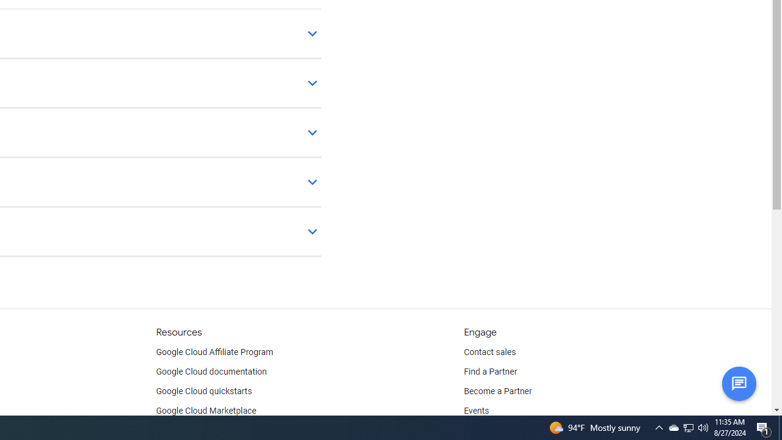 The image size is (782, 440). Describe the element at coordinates (211, 372) in the screenshot. I see `'Google Cloud documentation'` at that location.